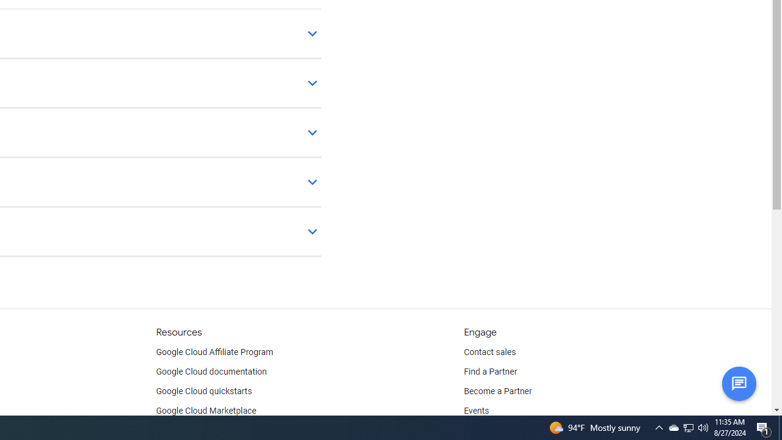 The image size is (782, 440). Describe the element at coordinates (211, 372) in the screenshot. I see `'Google Cloud documentation'` at that location.